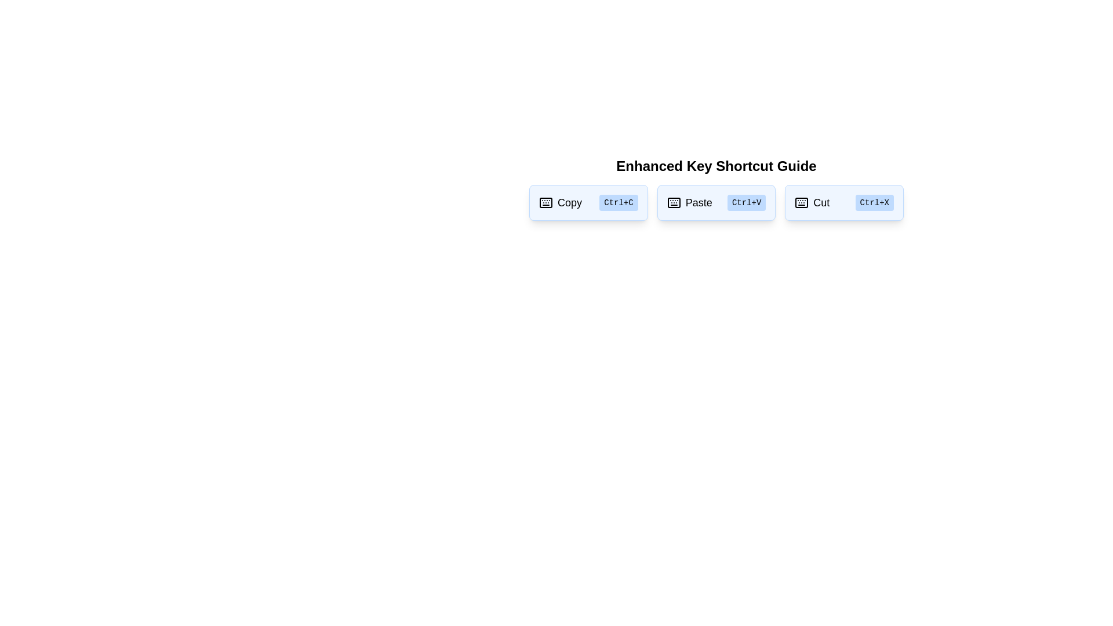 This screenshot has width=1113, height=626. What do you see at coordinates (674, 202) in the screenshot?
I see `the Paste icon, which represents the keyboard metaphor for the Paste functionality located in the middle of a row of three buttons, flanked by Copy and Cut` at bounding box center [674, 202].